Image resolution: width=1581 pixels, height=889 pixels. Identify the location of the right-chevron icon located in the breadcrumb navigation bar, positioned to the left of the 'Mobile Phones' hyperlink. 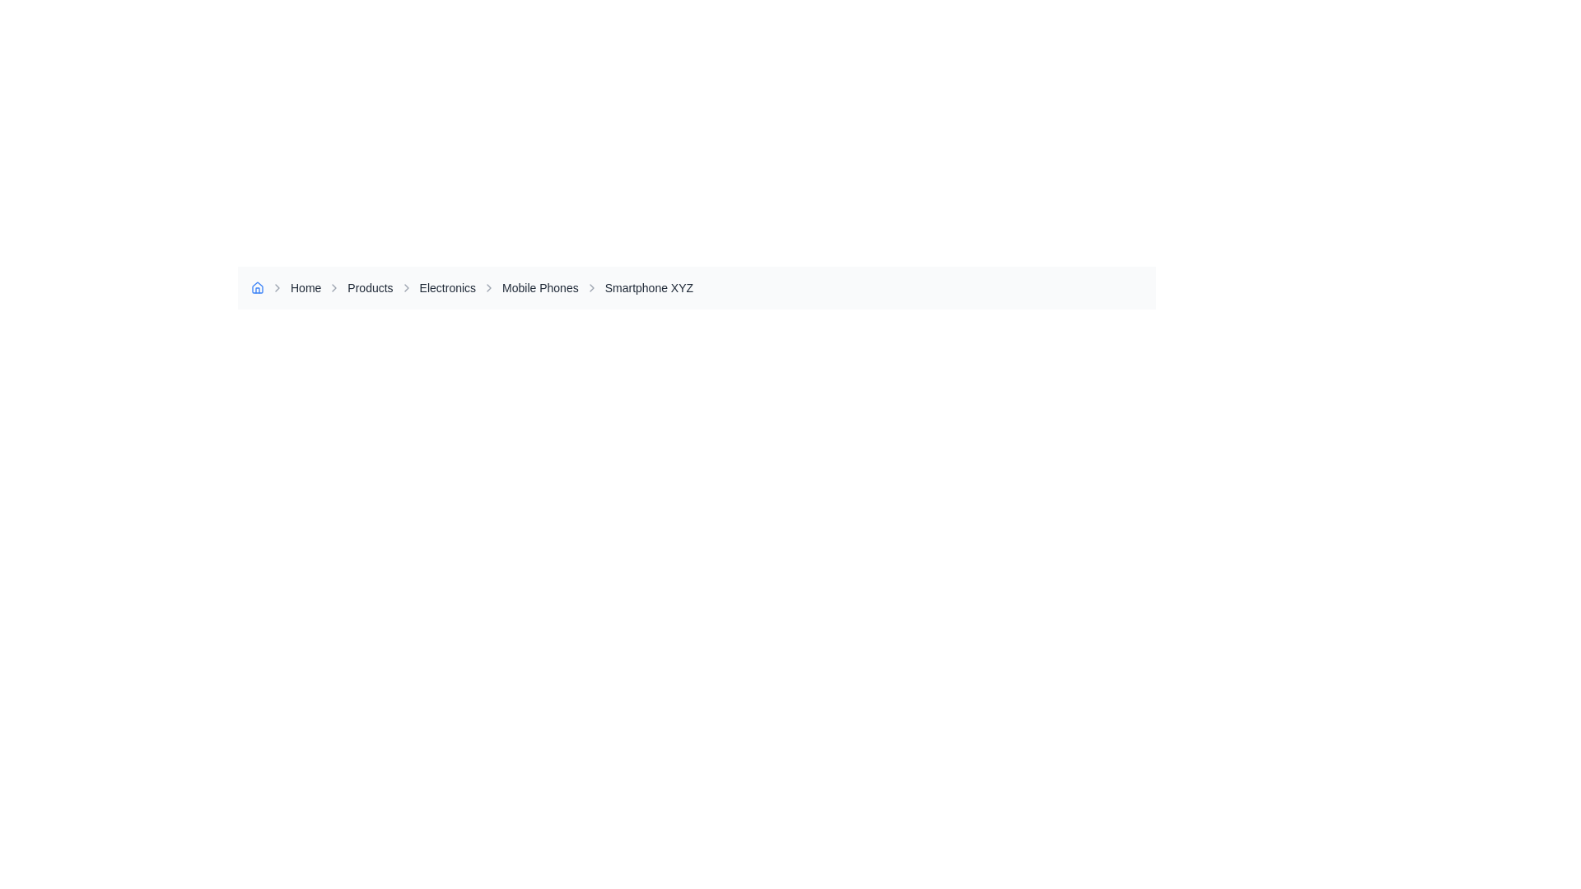
(488, 287).